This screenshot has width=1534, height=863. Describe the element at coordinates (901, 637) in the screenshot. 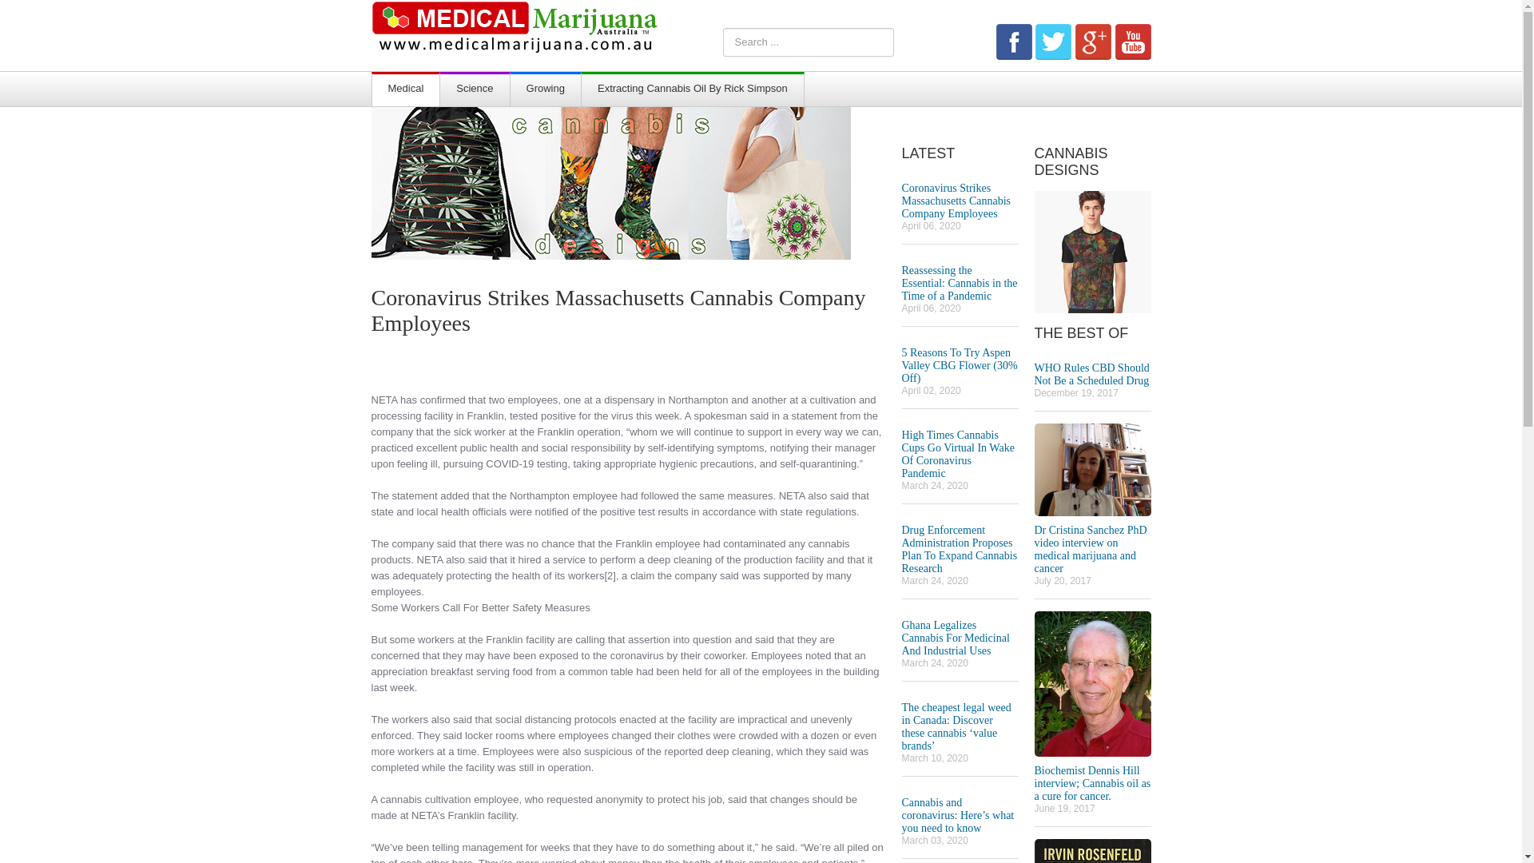

I see `'Ghana Legalizes Cannabis For Medicinal And Industrial Uses'` at that location.